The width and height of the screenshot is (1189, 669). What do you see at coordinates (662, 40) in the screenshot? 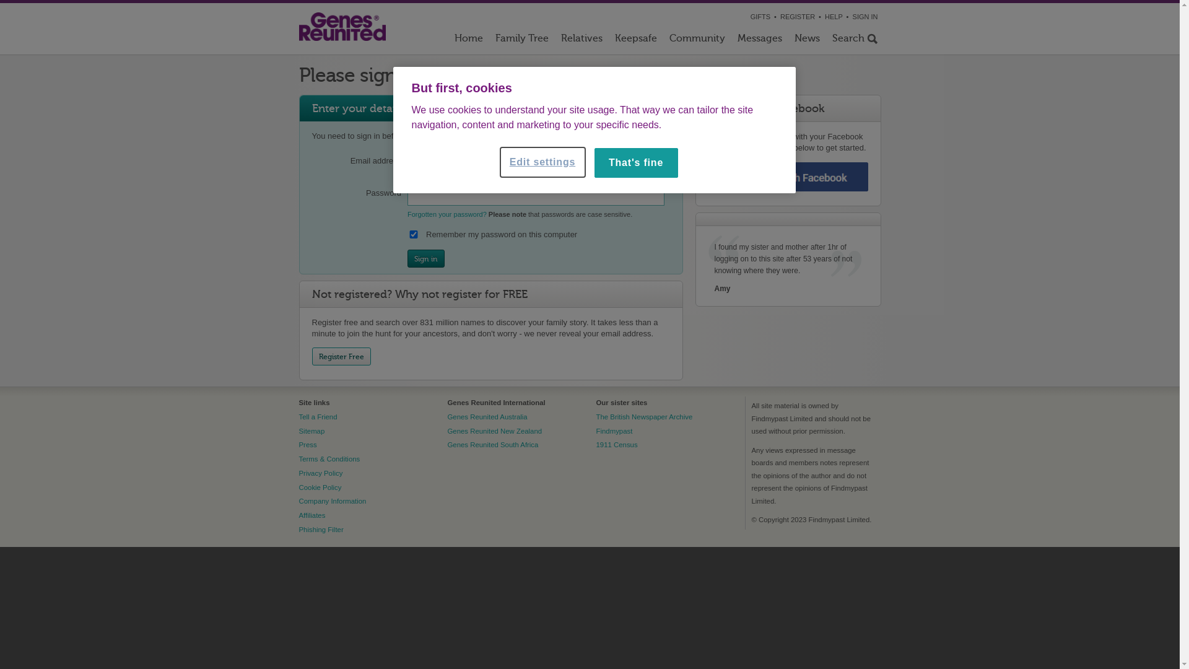
I see `'Community'` at bounding box center [662, 40].